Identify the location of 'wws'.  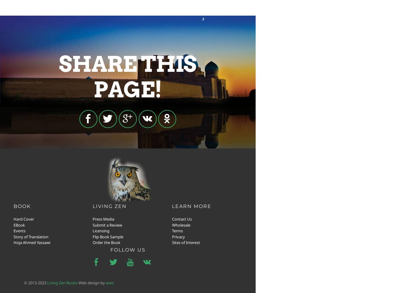
(109, 282).